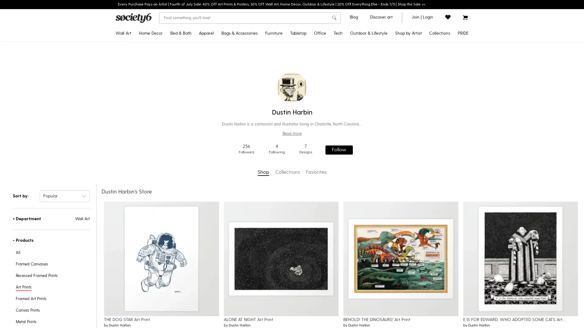 The width and height of the screenshot is (584, 328). What do you see at coordinates (360, 49) in the screenshot?
I see `iPhone Cases` at bounding box center [360, 49].